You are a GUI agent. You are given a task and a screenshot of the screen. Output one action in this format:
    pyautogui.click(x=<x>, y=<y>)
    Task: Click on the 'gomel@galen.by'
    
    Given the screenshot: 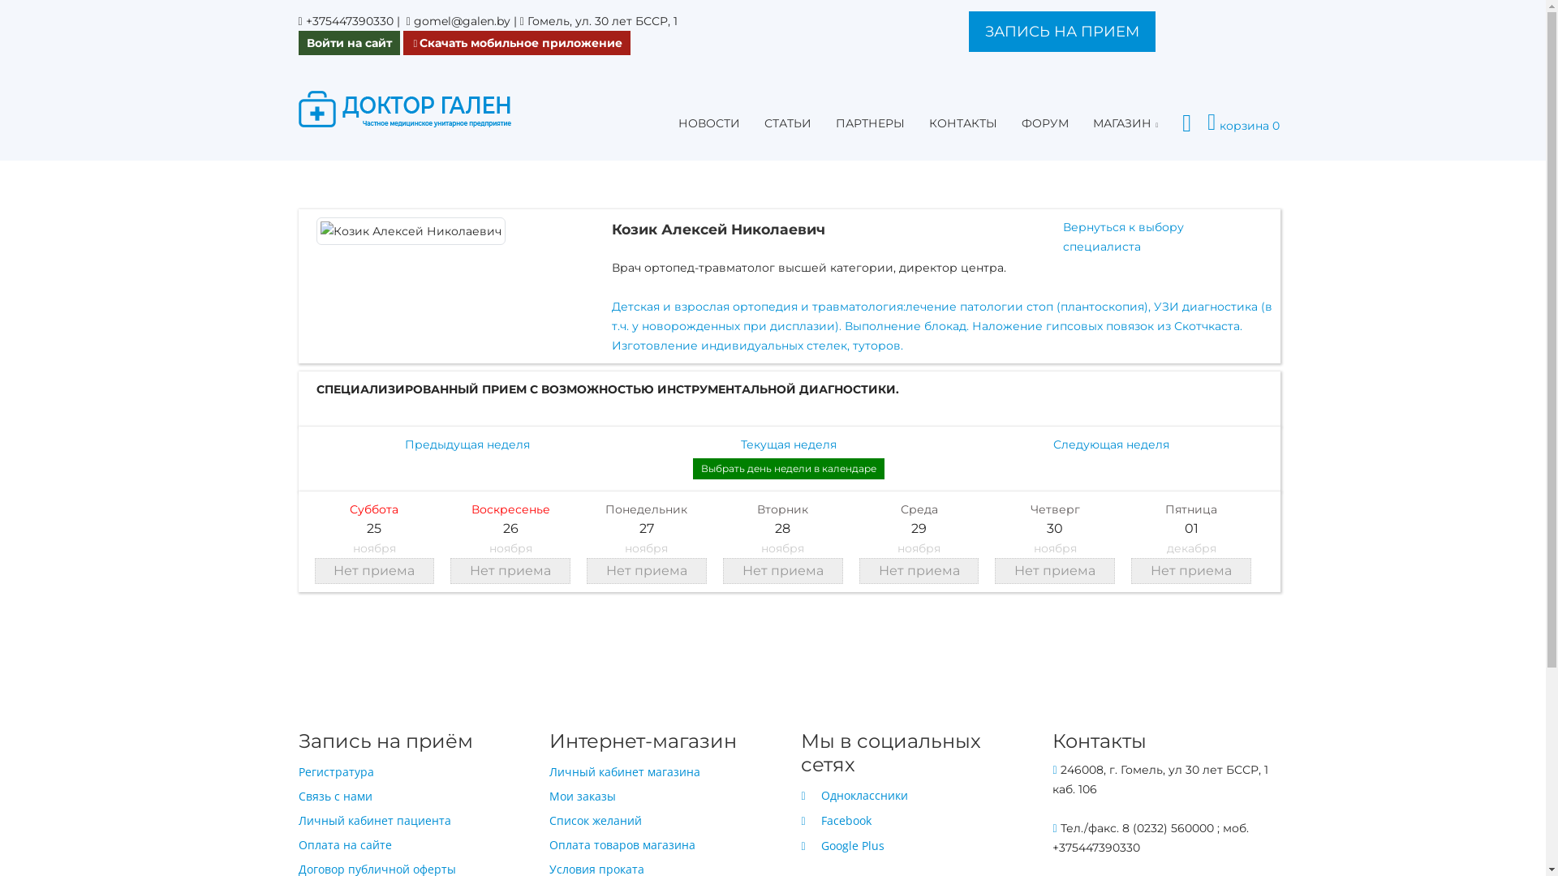 What is the action you would take?
    pyautogui.click(x=413, y=21)
    